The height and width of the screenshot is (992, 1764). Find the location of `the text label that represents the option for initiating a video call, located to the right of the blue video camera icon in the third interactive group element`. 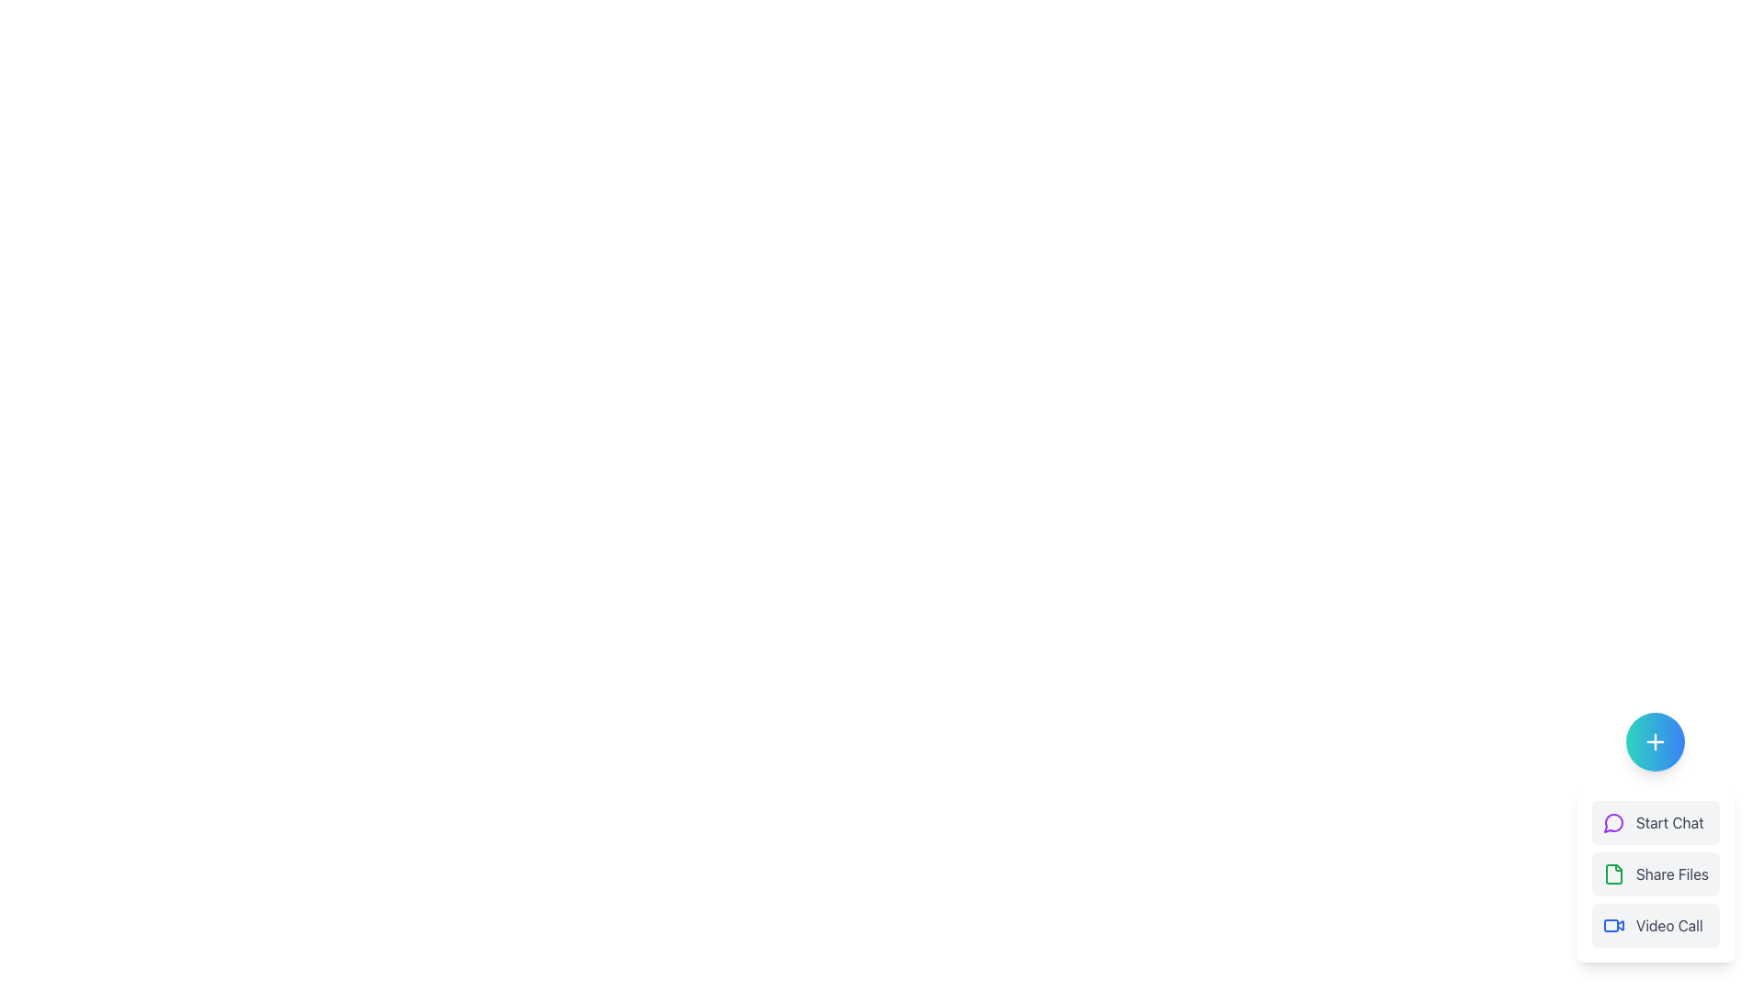

the text label that represents the option for initiating a video call, located to the right of the blue video camera icon in the third interactive group element is located at coordinates (1669, 925).